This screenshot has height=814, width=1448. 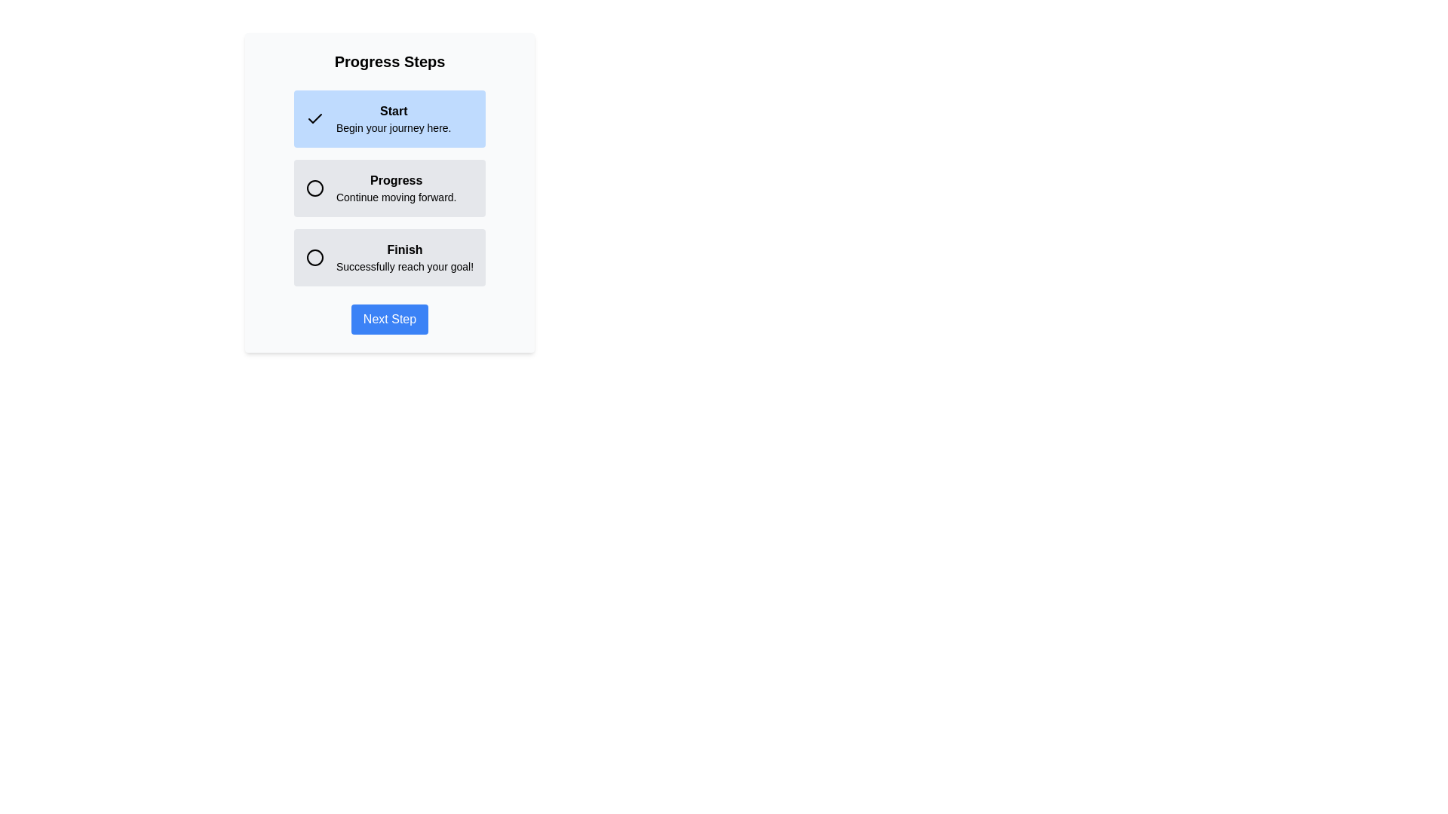 I want to click on the text label that reads 'Successfully reach your goal!' which is located below the bolded text 'Finish' in a progress tracker interface, so click(x=405, y=266).